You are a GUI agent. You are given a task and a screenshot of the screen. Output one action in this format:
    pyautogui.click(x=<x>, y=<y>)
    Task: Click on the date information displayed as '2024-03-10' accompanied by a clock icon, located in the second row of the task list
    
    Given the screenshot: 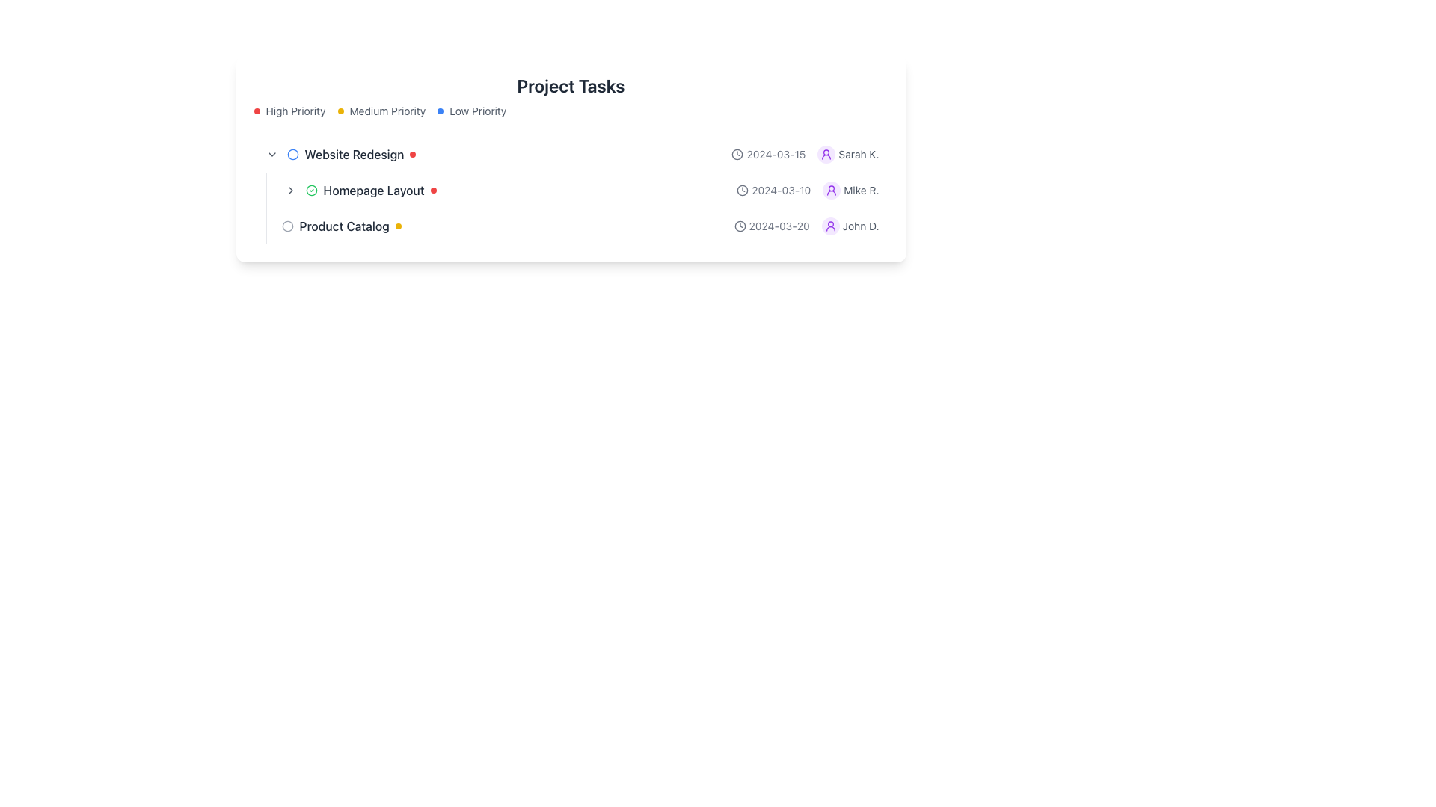 What is the action you would take?
    pyautogui.click(x=773, y=189)
    